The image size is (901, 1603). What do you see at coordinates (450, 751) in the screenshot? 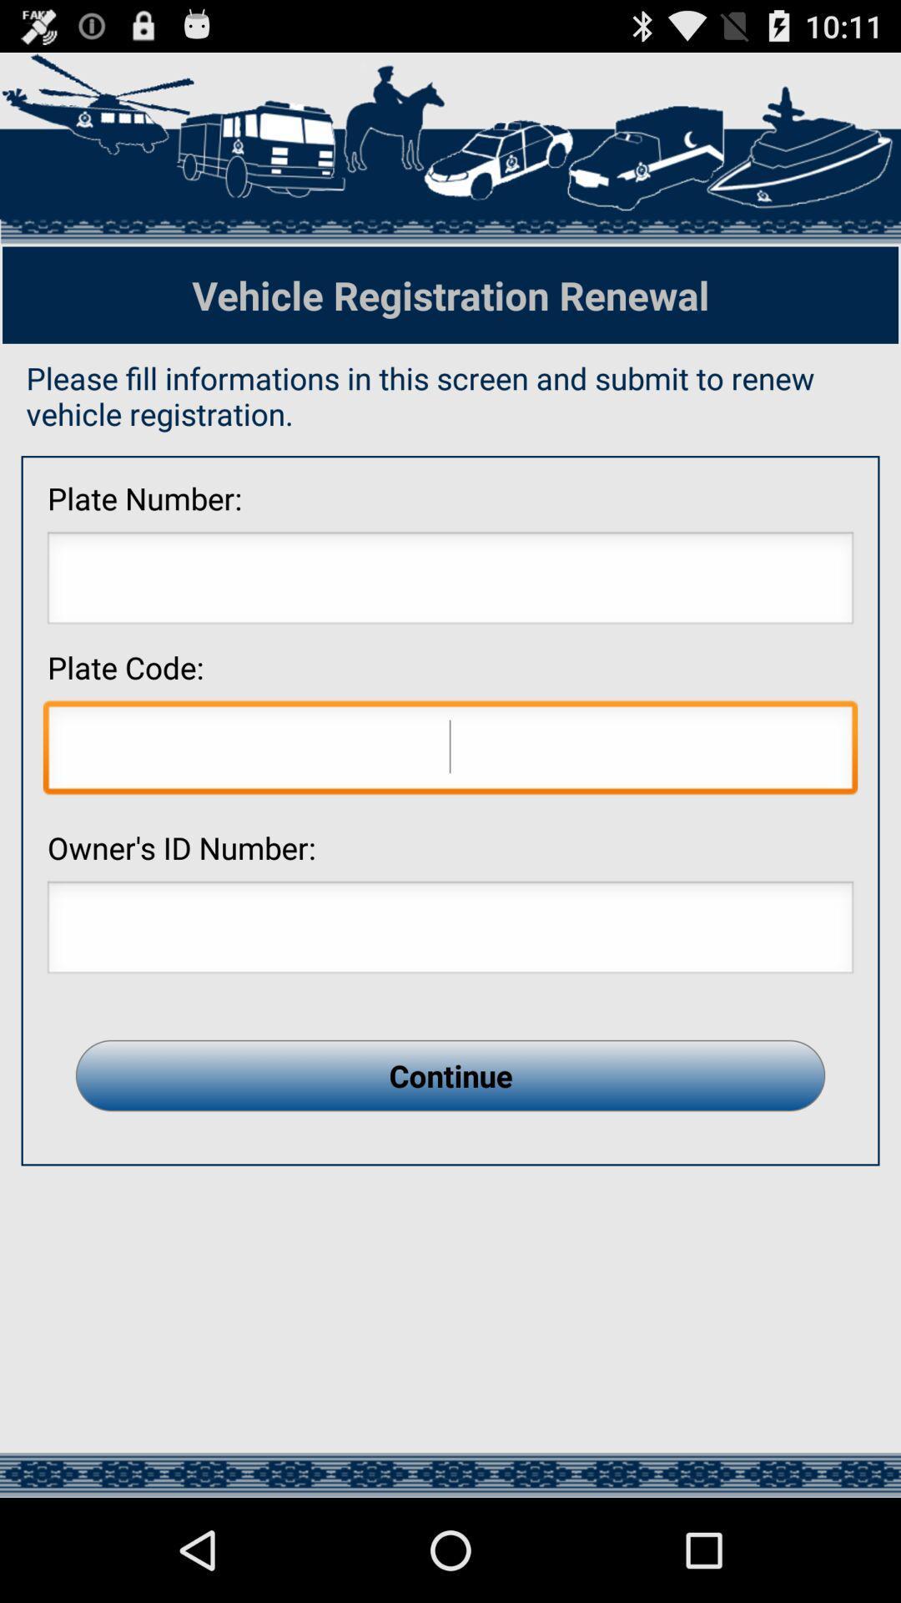
I see `plate code` at bounding box center [450, 751].